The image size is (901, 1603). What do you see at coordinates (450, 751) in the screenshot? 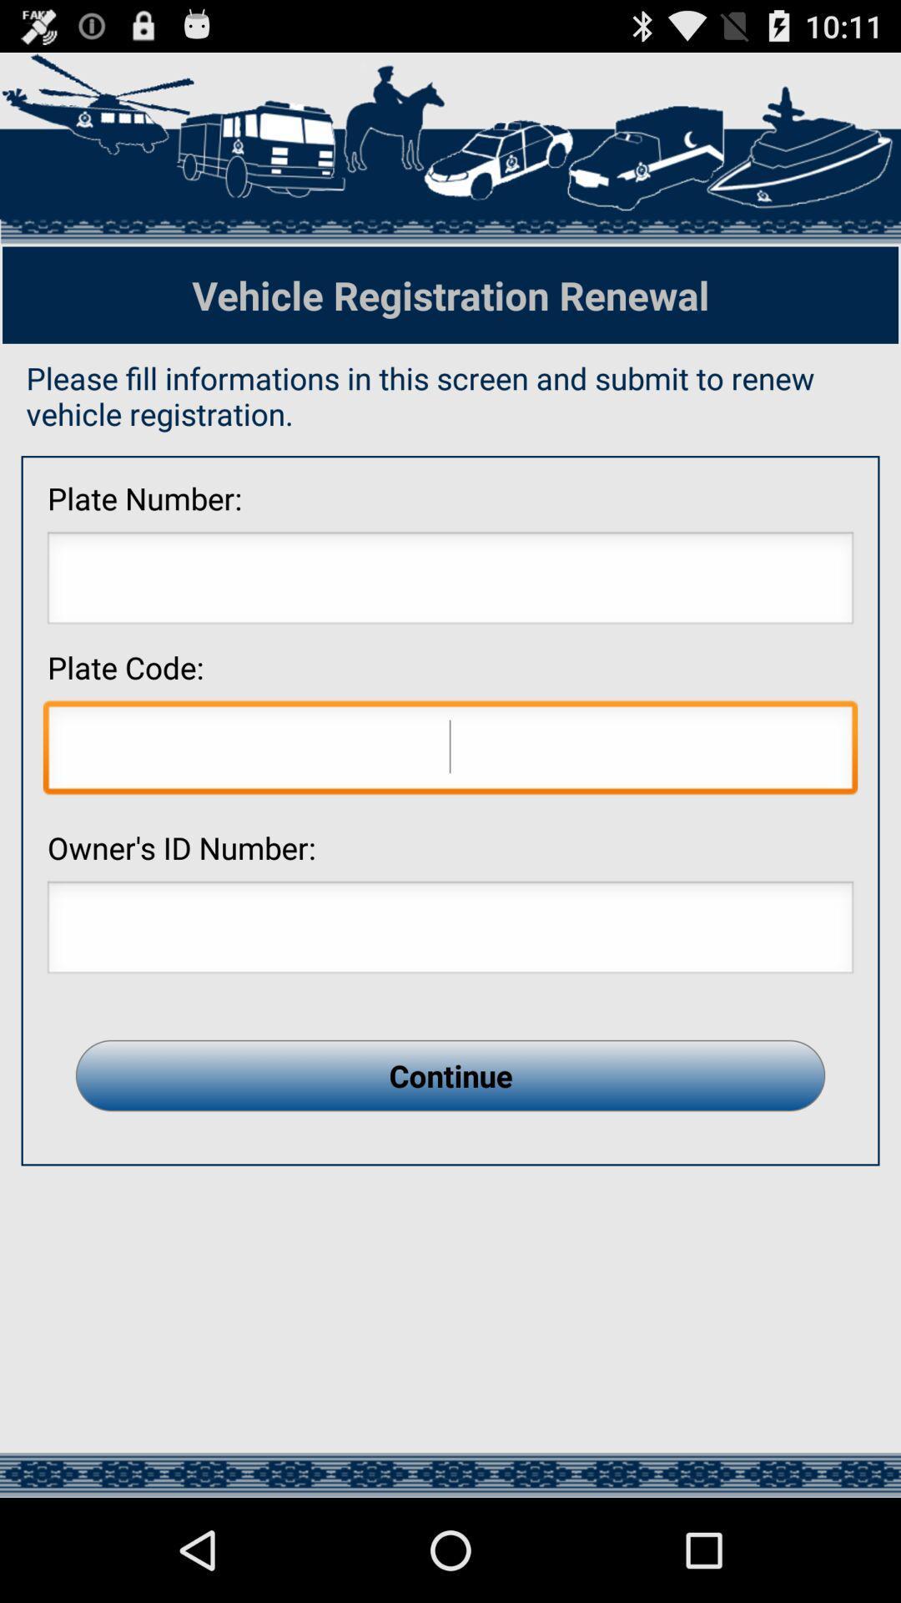
I see `plate code` at bounding box center [450, 751].